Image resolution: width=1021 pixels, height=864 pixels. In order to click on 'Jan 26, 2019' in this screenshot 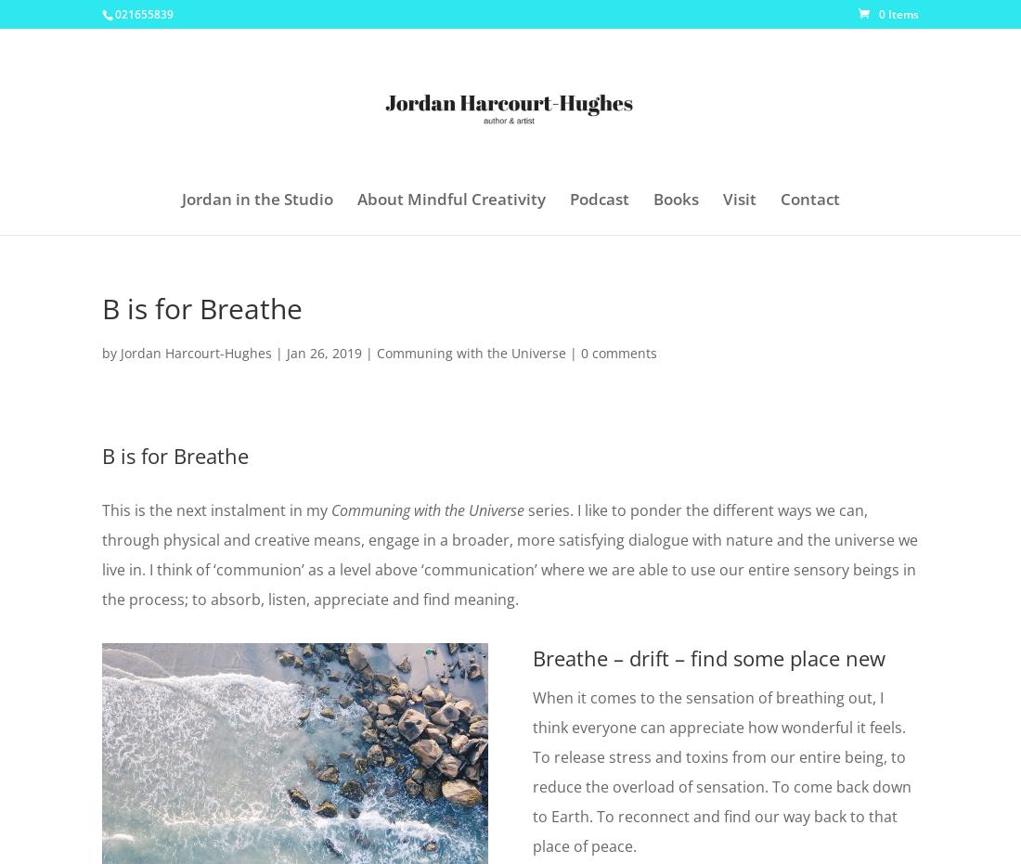, I will do `click(324, 353)`.